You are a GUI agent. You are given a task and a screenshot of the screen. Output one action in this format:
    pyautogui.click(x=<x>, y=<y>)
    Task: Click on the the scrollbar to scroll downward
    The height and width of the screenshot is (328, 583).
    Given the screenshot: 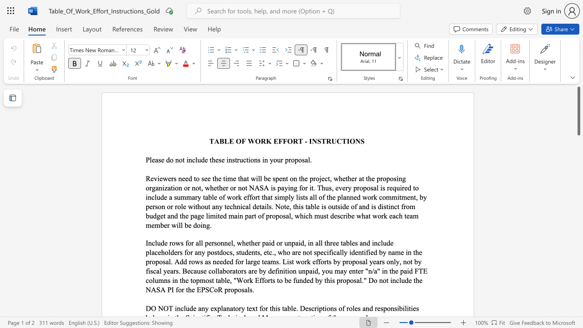 What is the action you would take?
    pyautogui.click(x=578, y=282)
    